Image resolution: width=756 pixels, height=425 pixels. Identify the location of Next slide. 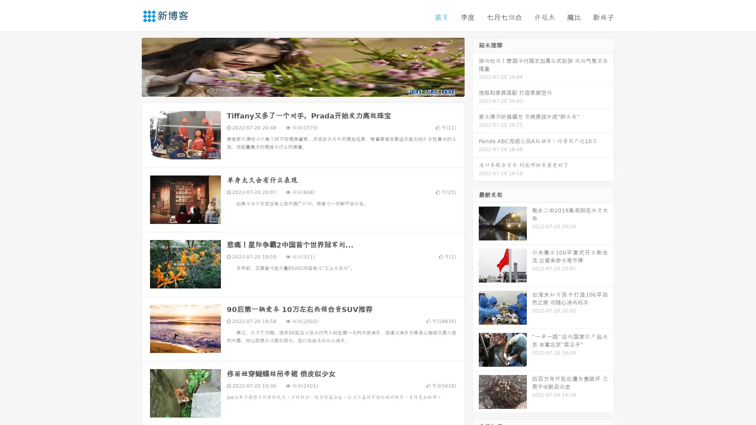
(476, 66).